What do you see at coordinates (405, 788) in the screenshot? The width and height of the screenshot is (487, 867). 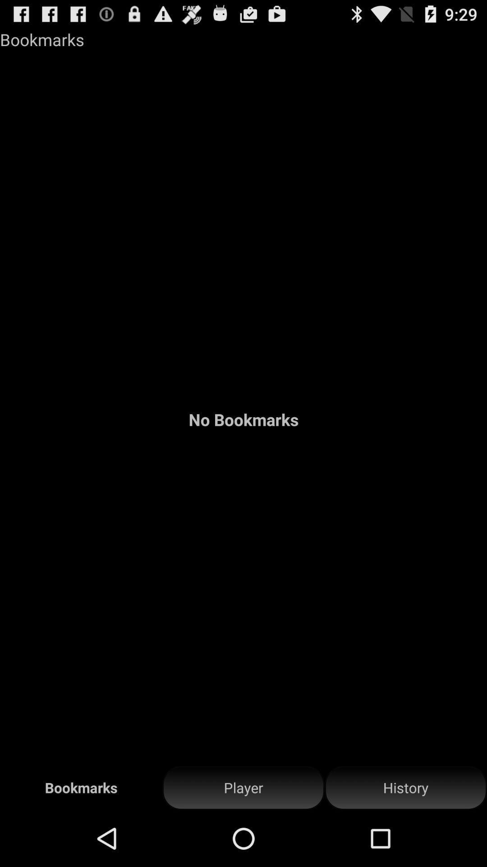 I see `button next to the player` at bounding box center [405, 788].